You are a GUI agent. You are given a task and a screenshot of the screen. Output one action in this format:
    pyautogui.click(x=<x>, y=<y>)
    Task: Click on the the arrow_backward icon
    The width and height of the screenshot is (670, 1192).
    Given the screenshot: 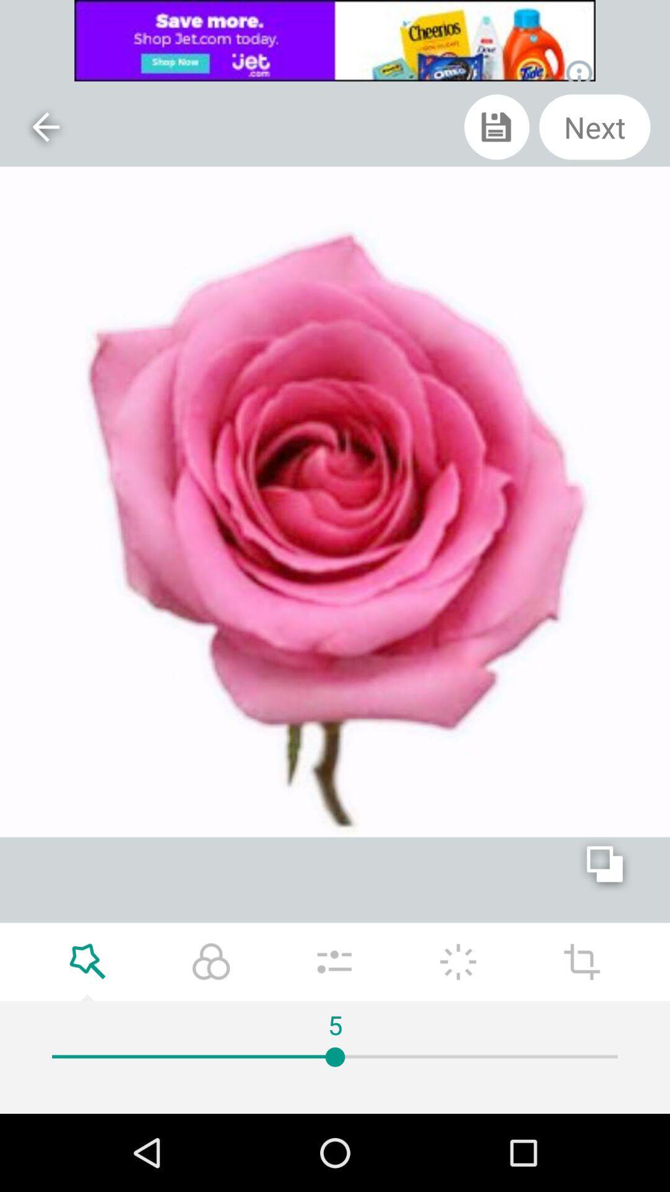 What is the action you would take?
    pyautogui.click(x=45, y=127)
    